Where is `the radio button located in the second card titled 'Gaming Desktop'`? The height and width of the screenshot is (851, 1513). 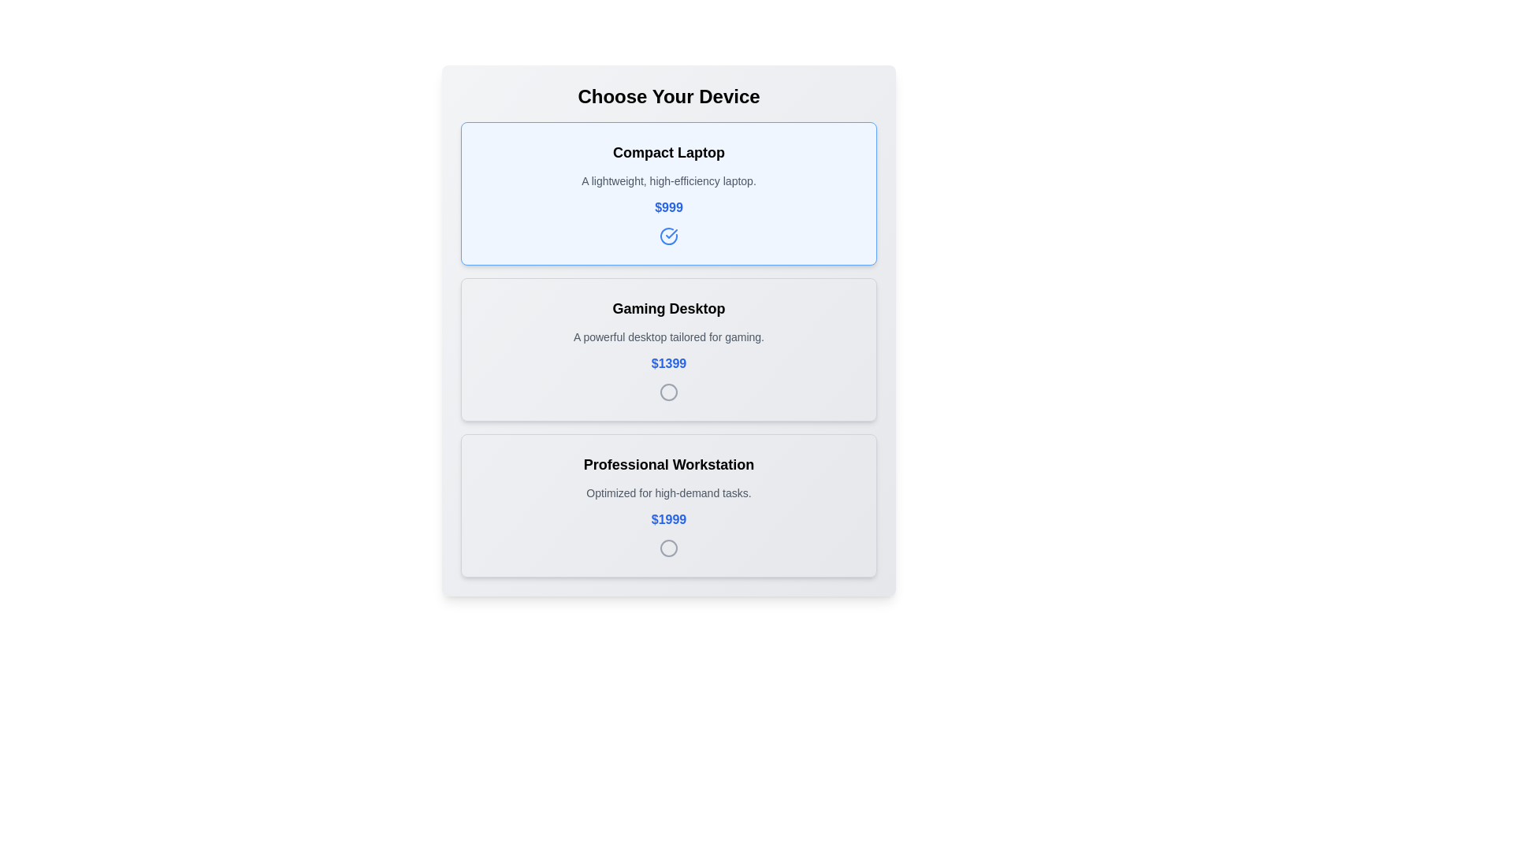 the radio button located in the second card titled 'Gaming Desktop' is located at coordinates (669, 391).